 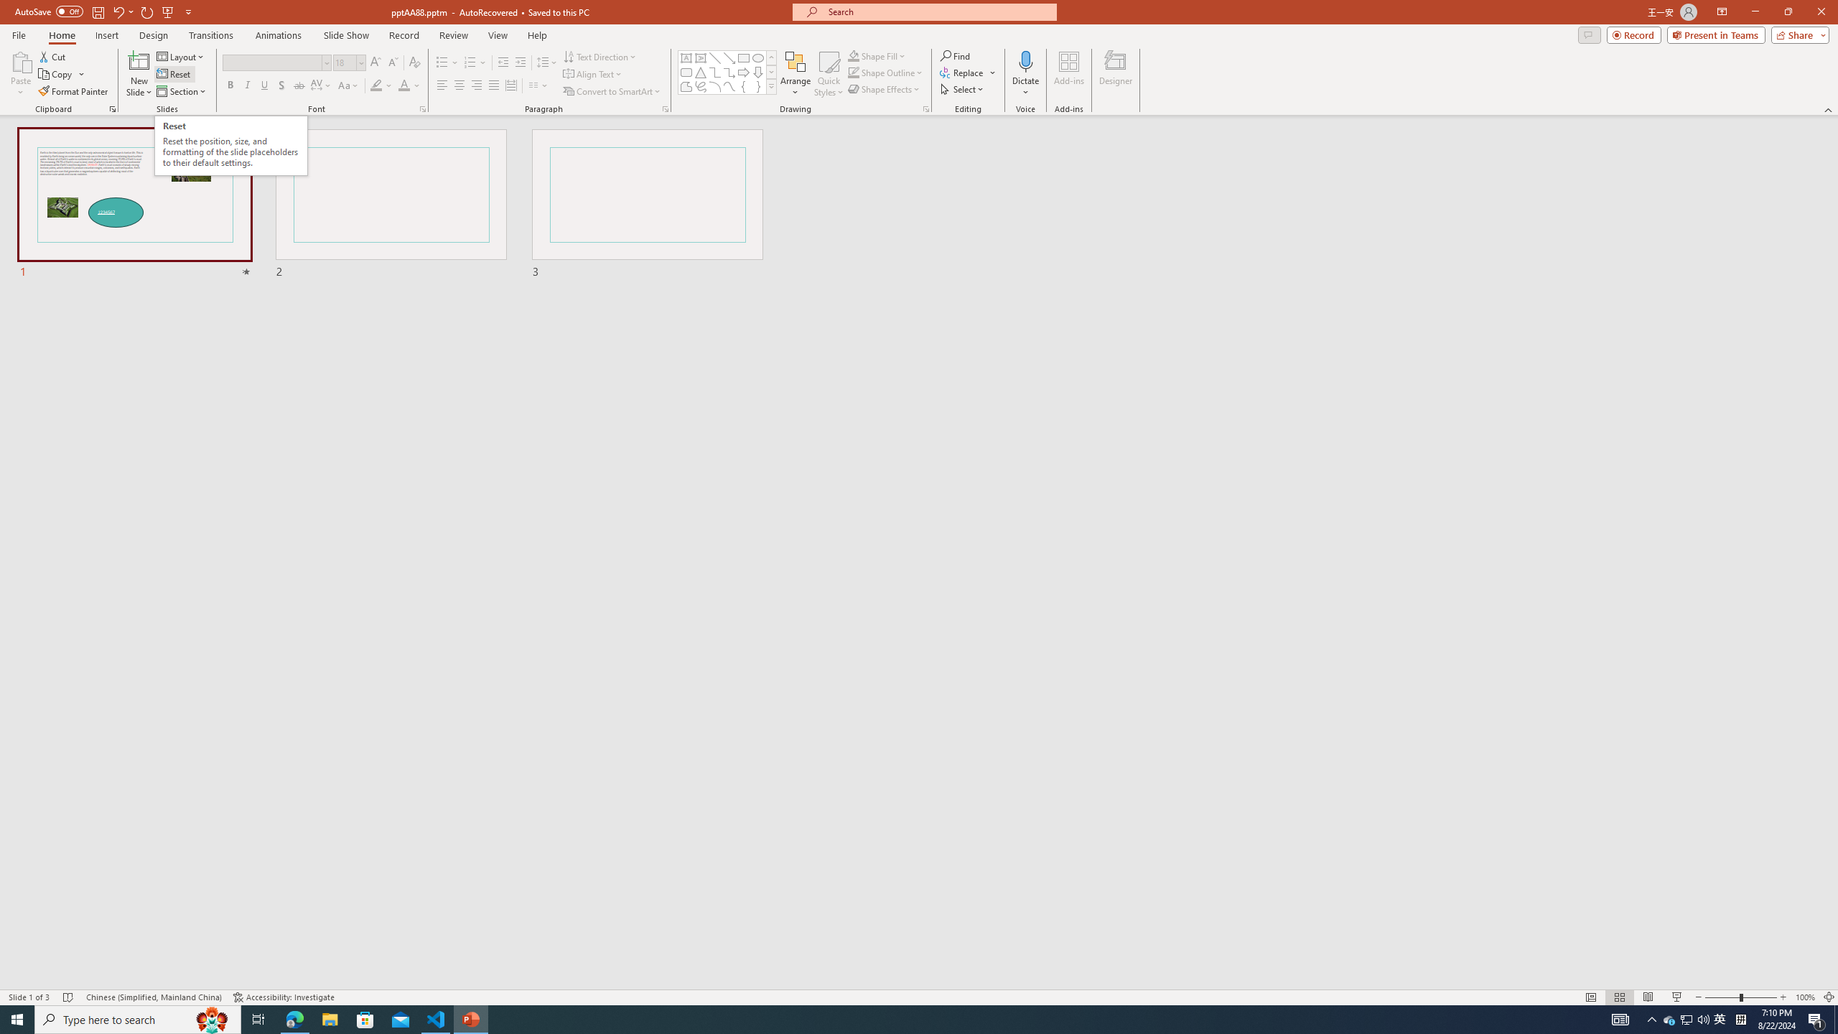 I want to click on 'Zoom 100%', so click(x=1806, y=997).